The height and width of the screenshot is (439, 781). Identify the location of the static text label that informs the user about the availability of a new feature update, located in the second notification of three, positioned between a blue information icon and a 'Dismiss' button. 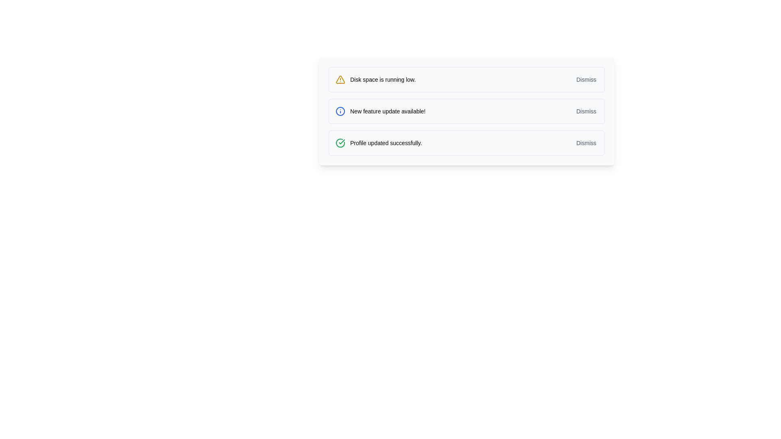
(387, 111).